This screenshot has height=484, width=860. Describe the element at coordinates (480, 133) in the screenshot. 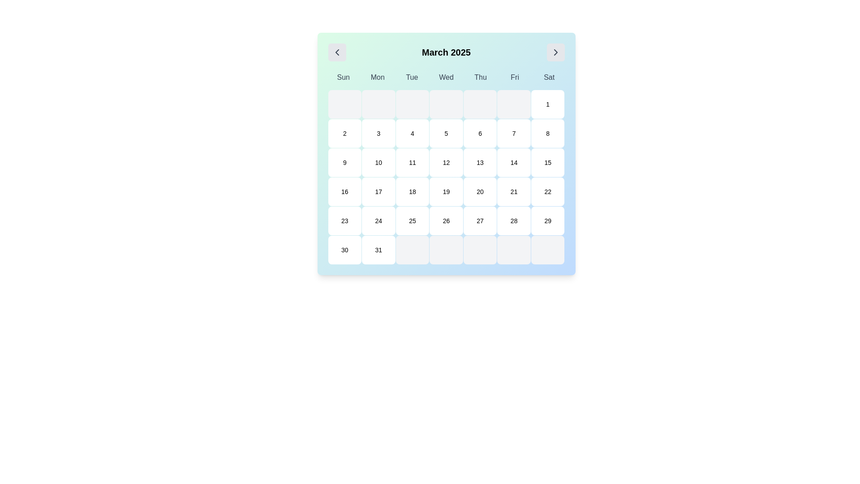

I see `the white rounded square button with the number '6' displayed at its center, located under 'March 2025' in the calendar grid layout` at that location.